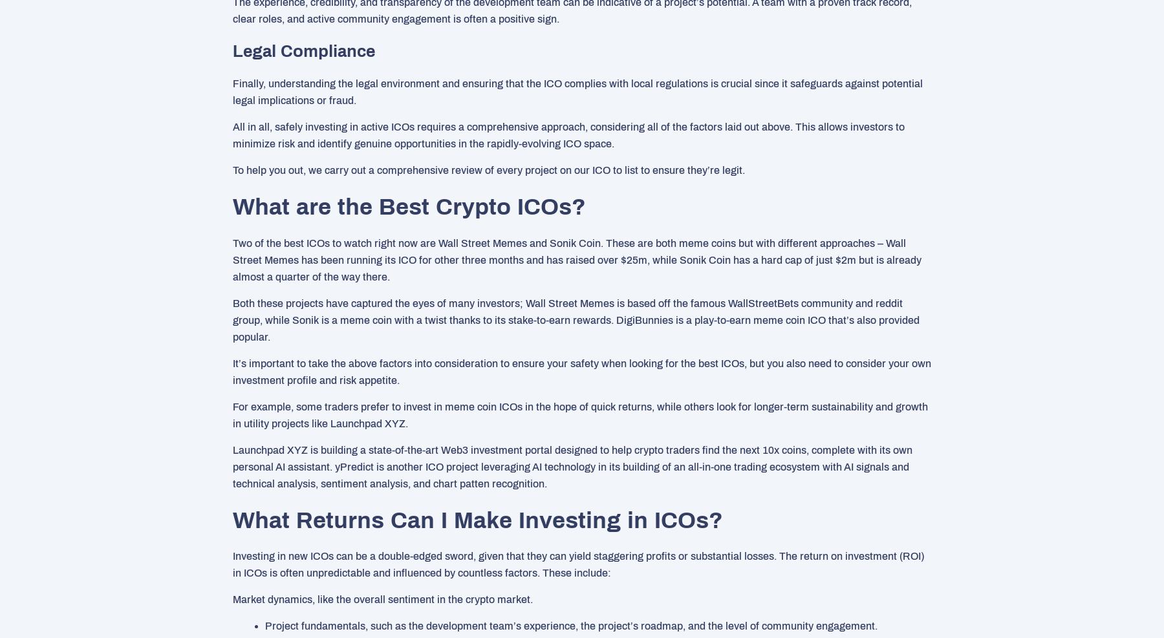 The image size is (1164, 638). Describe the element at coordinates (577, 91) in the screenshot. I see `'Finally, understanding the legal environment and ensuring that the ICO complies with local regulations is crucial since it safeguards against potential legal implications or fraud.'` at that location.